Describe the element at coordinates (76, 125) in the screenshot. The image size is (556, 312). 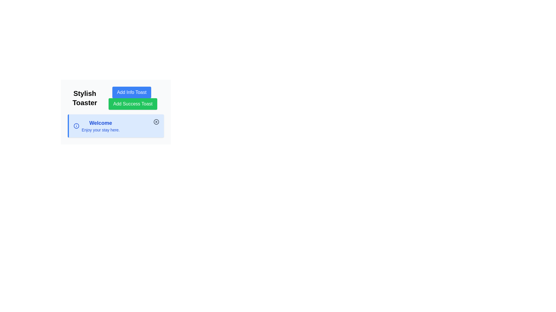
I see `the informational icon located to the left of the text 'Welcome Enjoy your stay here' in the horizontal notification block` at that location.